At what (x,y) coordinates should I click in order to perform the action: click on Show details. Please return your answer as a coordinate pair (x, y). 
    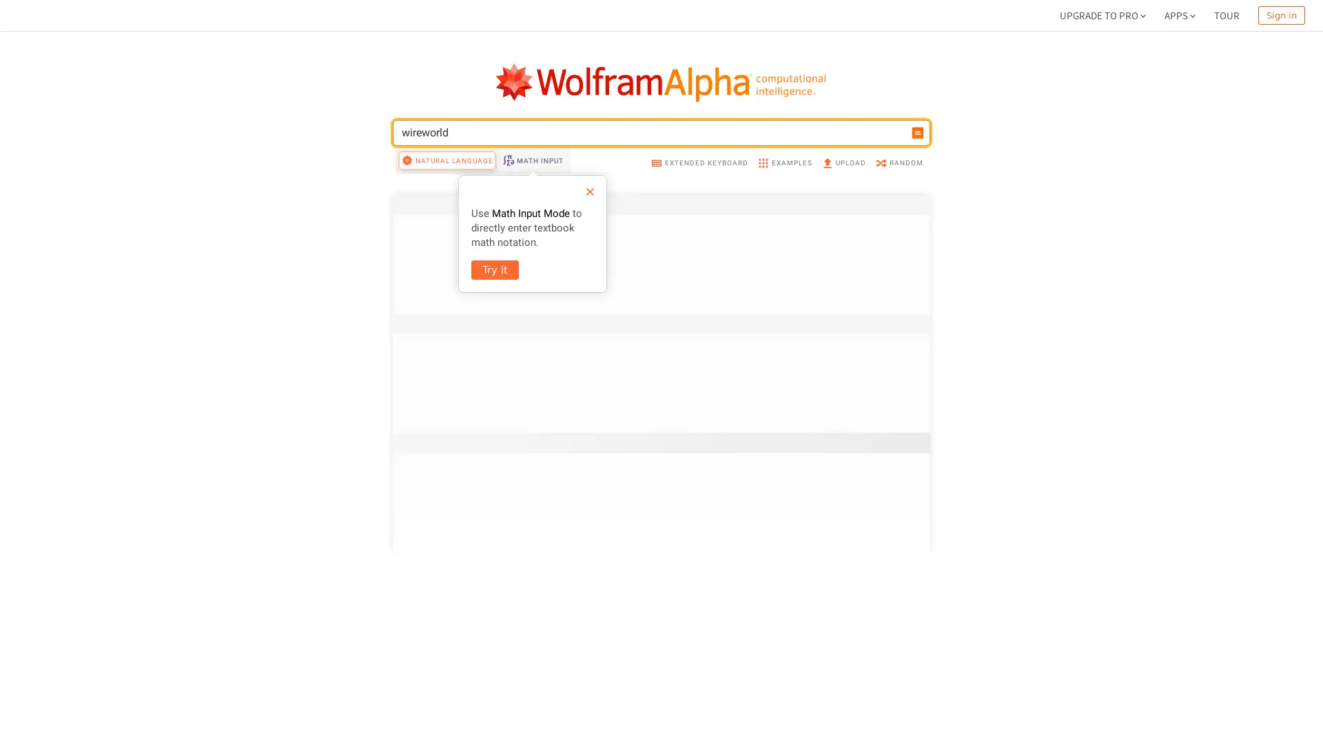
    Looking at the image, I should click on (885, 605).